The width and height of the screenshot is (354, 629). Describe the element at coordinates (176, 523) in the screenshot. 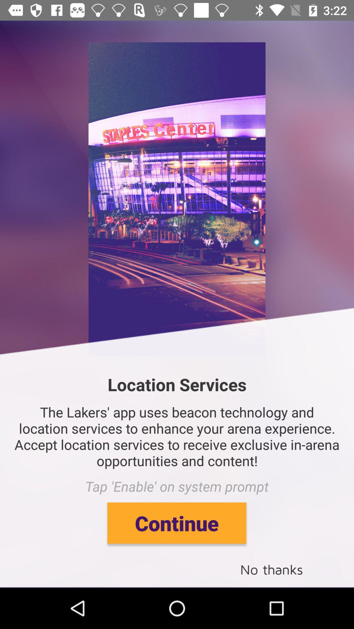

I see `item above the no thanks icon` at that location.